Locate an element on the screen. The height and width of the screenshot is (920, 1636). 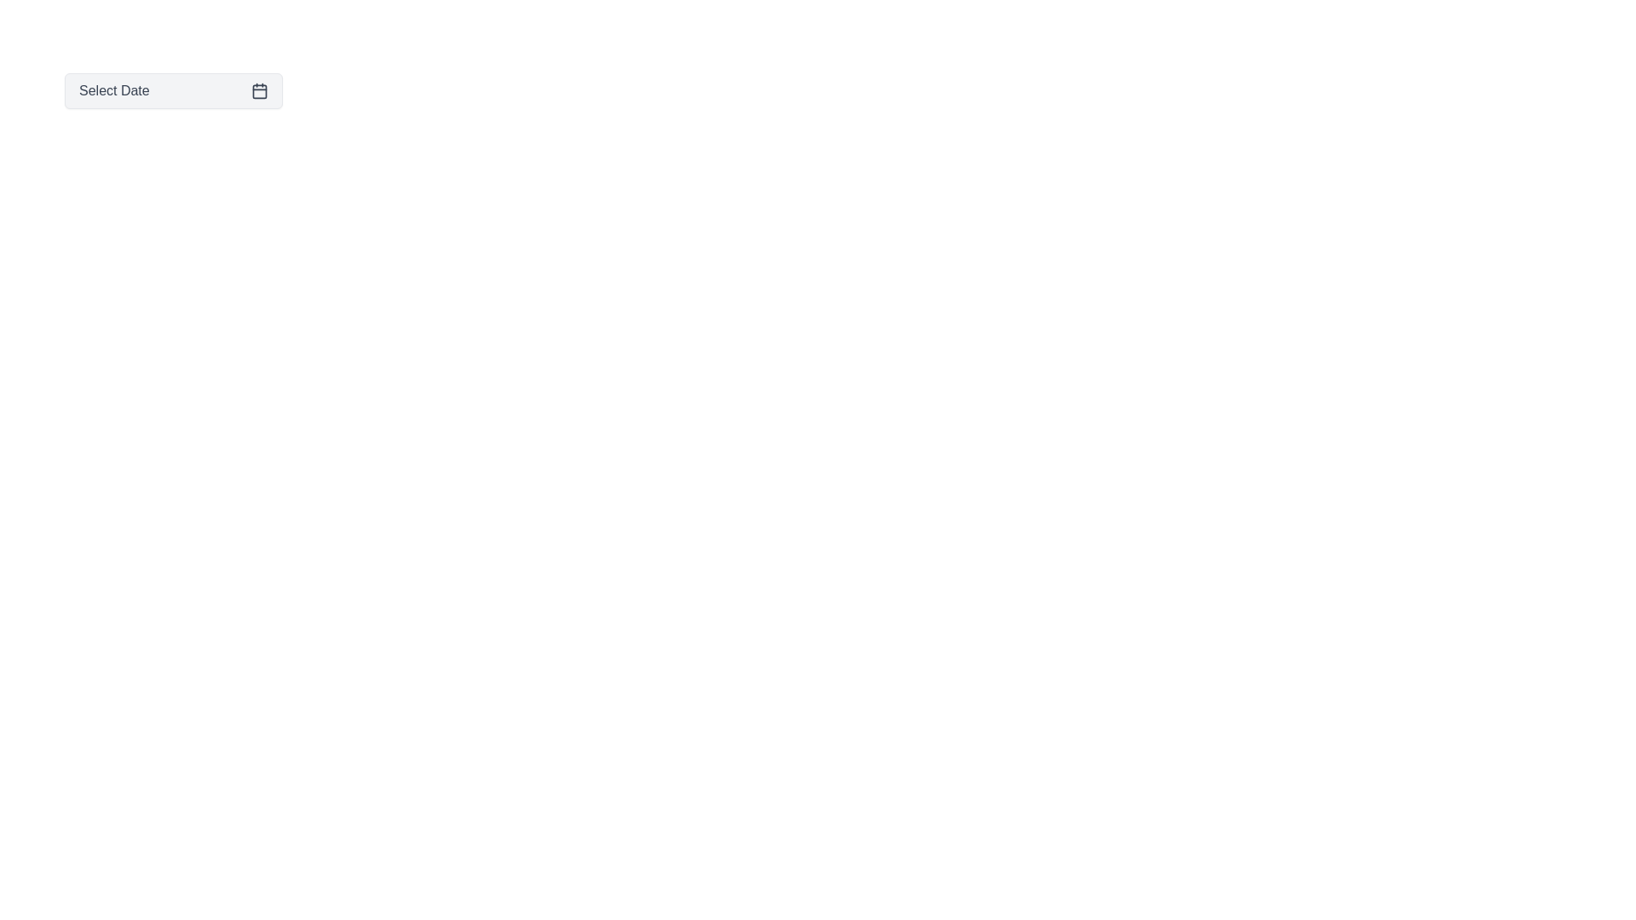
the calendar icon located at the far right of the 'Select Date' button is located at coordinates (259, 91).